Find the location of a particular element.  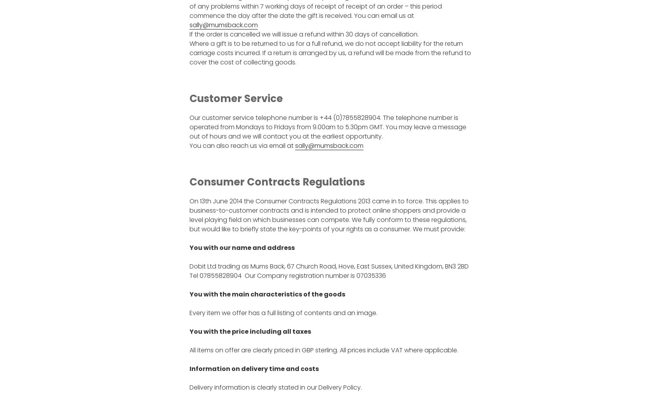

'Consumer Contracts Regulations' is located at coordinates (276, 182).